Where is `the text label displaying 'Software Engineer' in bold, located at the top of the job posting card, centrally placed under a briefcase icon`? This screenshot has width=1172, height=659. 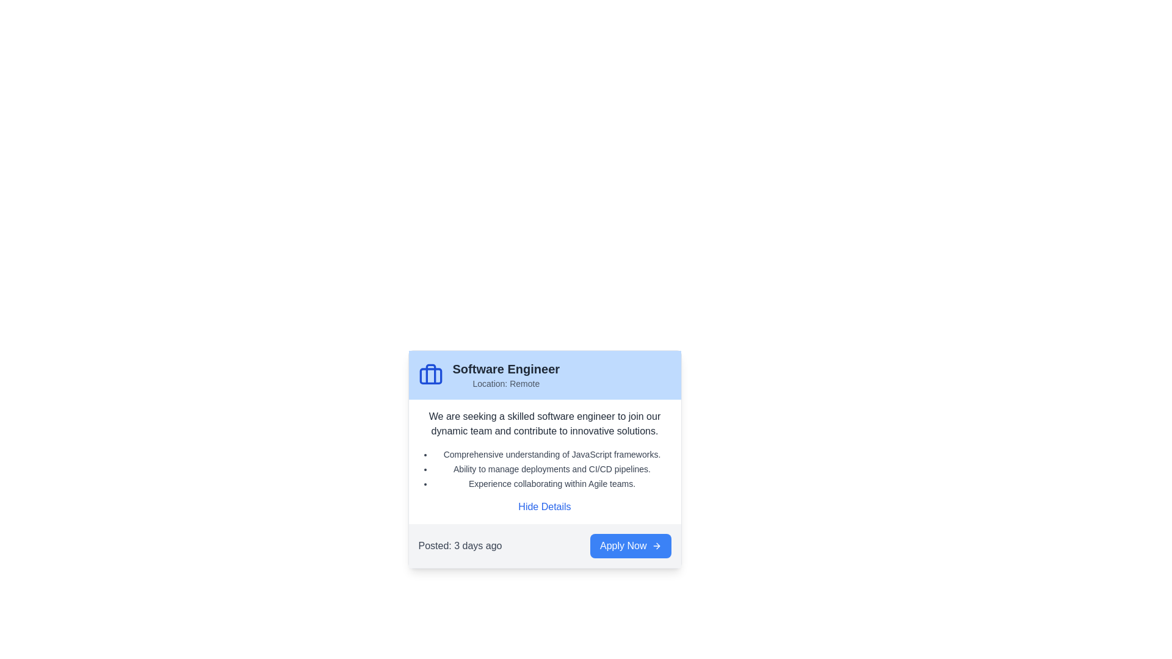
the text label displaying 'Software Engineer' in bold, located at the top of the job posting card, centrally placed under a briefcase icon is located at coordinates (506, 369).